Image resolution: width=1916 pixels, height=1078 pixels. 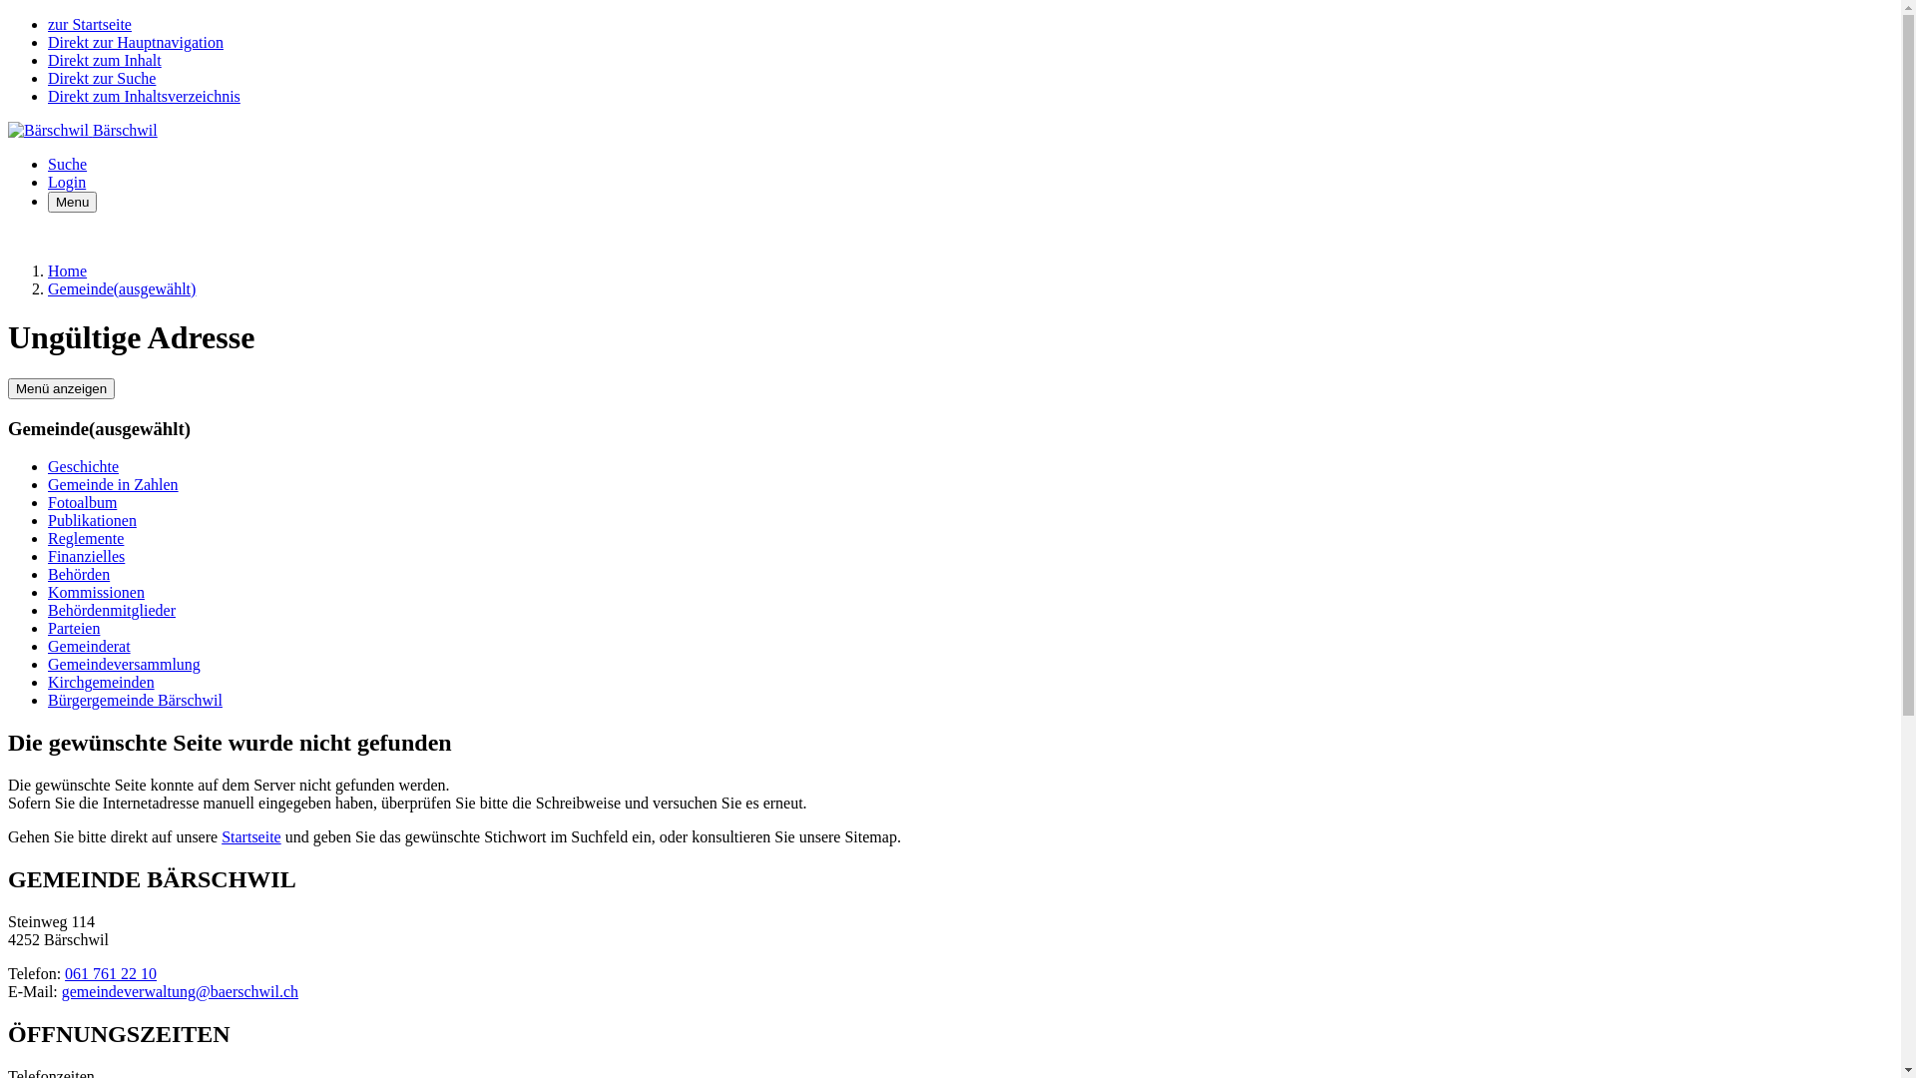 What do you see at coordinates (48, 24) in the screenshot?
I see `'zur Startseite'` at bounding box center [48, 24].